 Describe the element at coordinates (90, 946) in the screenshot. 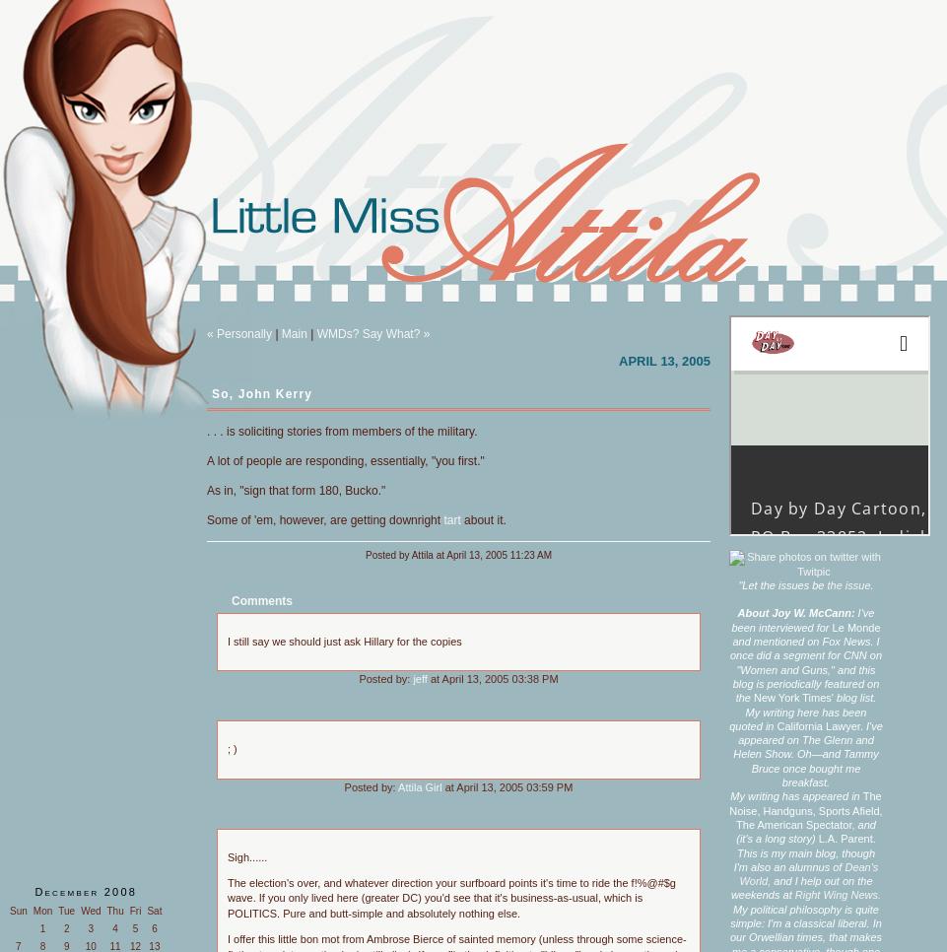

I see `'10'` at that location.